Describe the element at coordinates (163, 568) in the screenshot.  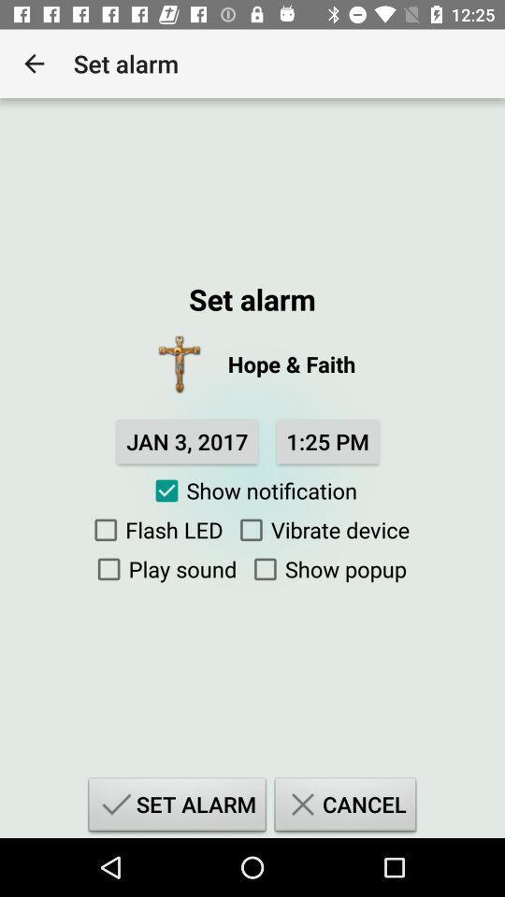
I see `item next to show popup` at that location.